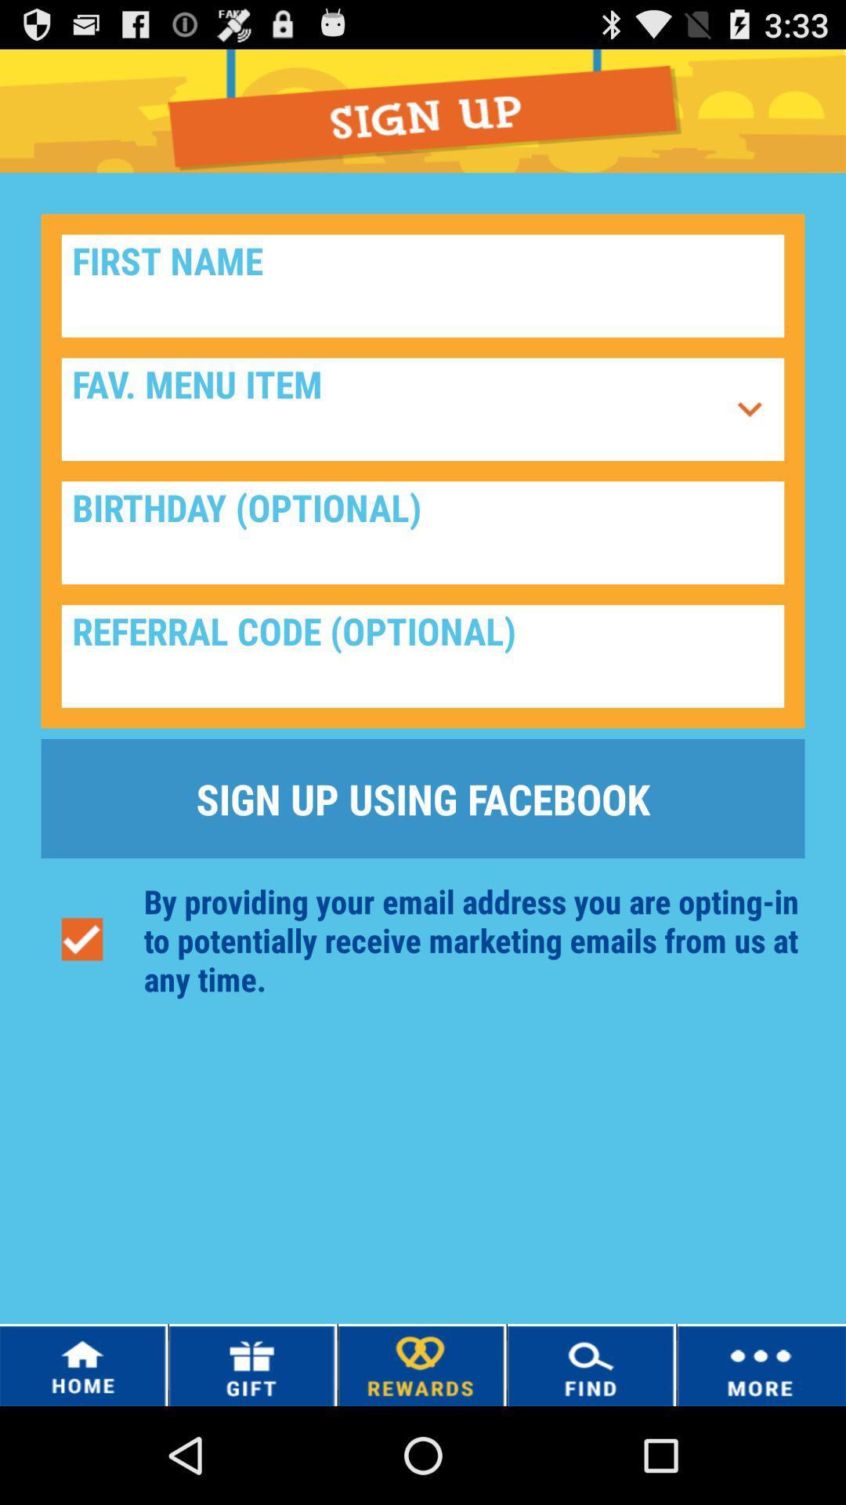 The height and width of the screenshot is (1505, 846). I want to click on referral code, so click(423, 656).